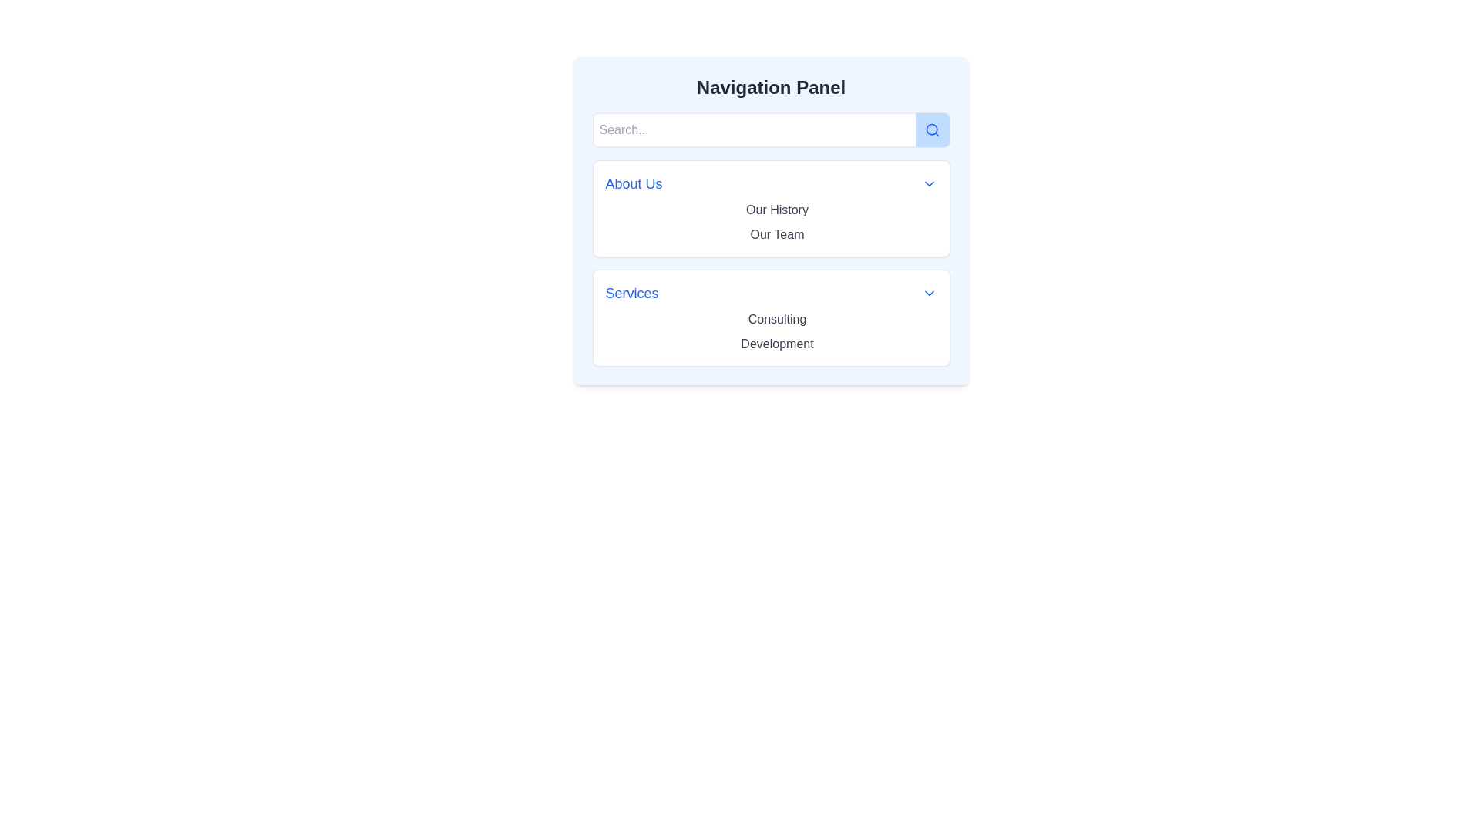  I want to click on the hyperlink located under the 'About Us' category in the navigation panel, so click(777, 234).